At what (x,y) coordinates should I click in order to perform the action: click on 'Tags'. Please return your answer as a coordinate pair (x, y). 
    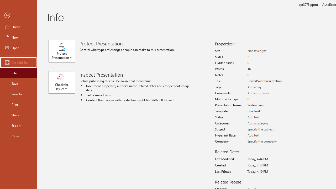
    Looking at the image, I should click on (266, 87).